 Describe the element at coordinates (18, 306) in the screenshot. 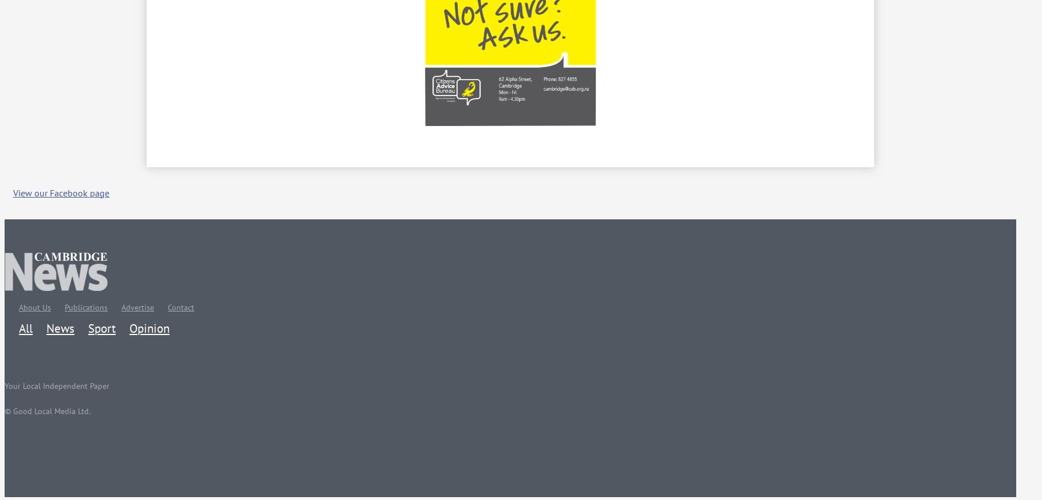

I see `'About Us'` at that location.